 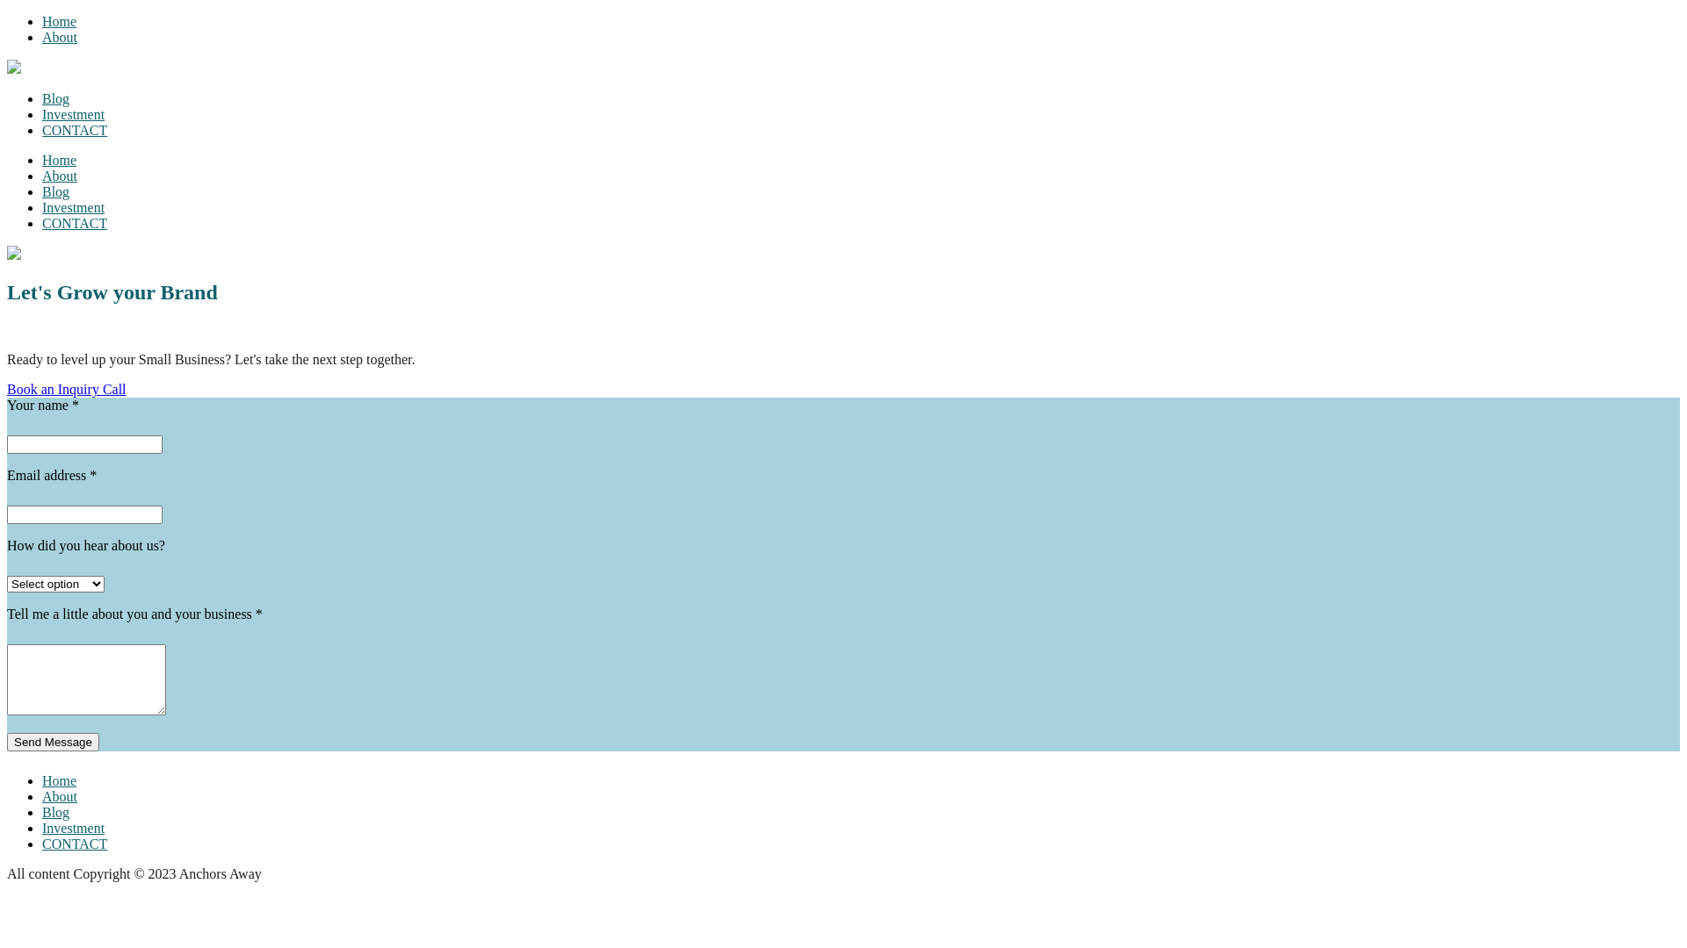 What do you see at coordinates (72, 206) in the screenshot?
I see `'Investment'` at bounding box center [72, 206].